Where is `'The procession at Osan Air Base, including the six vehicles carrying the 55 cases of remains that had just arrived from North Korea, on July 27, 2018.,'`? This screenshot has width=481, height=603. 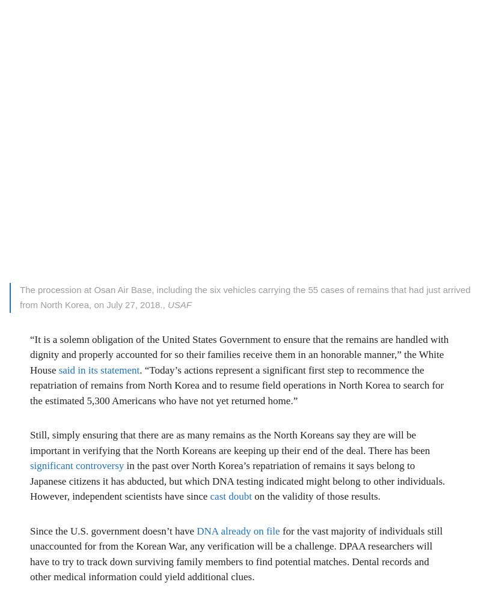 'The procession at Osan Air Base, including the six vehicles carrying the 55 cases of remains that had just arrived from North Korea, on July 27, 2018.,' is located at coordinates (20, 295).